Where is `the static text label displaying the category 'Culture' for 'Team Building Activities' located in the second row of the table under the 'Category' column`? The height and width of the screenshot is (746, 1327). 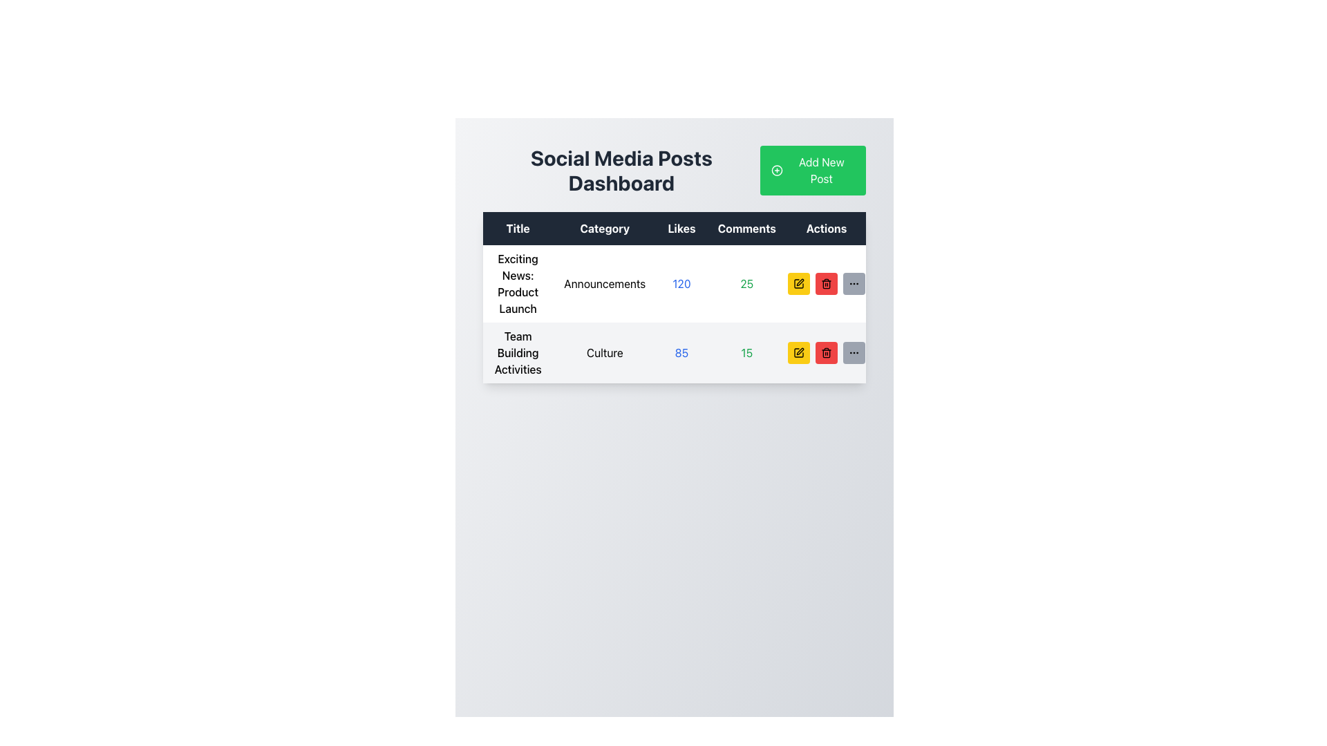 the static text label displaying the category 'Culture' for 'Team Building Activities' located in the second row of the table under the 'Category' column is located at coordinates (605, 352).